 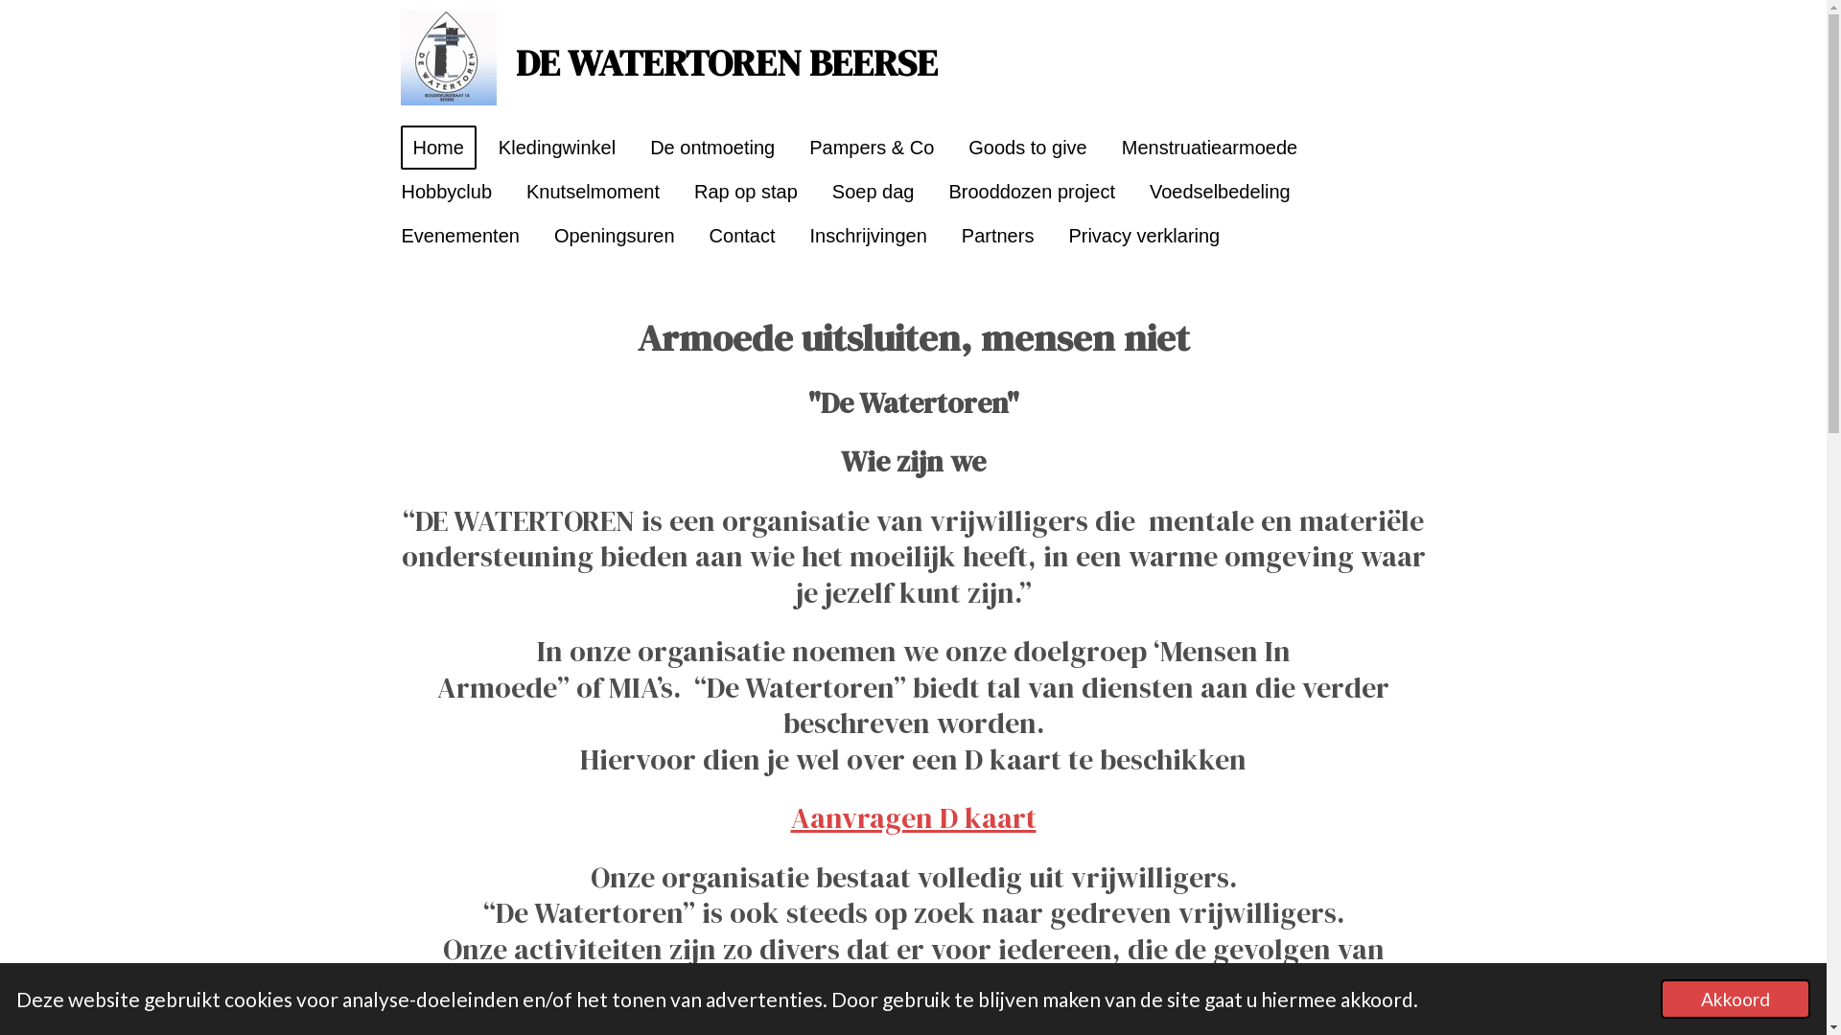 What do you see at coordinates (615, 235) in the screenshot?
I see `'Openingsuren'` at bounding box center [615, 235].